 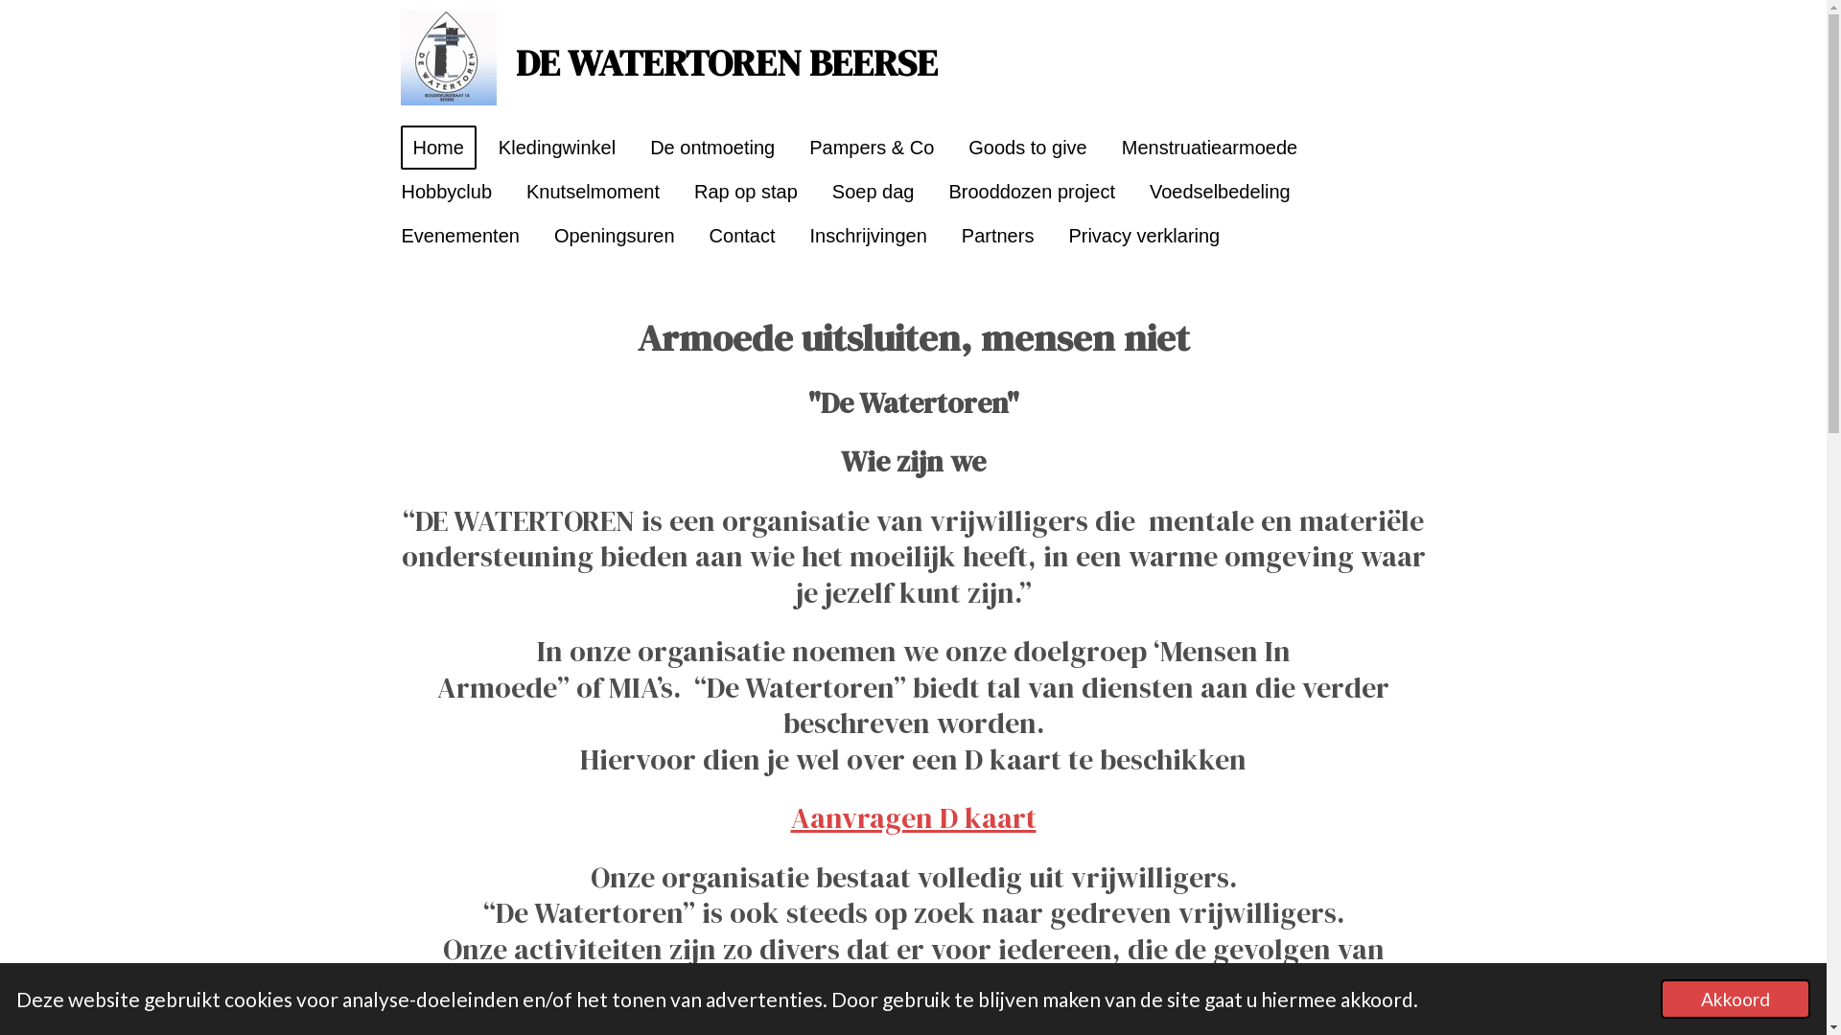 What do you see at coordinates (615, 235) in the screenshot?
I see `'Openingsuren'` at bounding box center [615, 235].